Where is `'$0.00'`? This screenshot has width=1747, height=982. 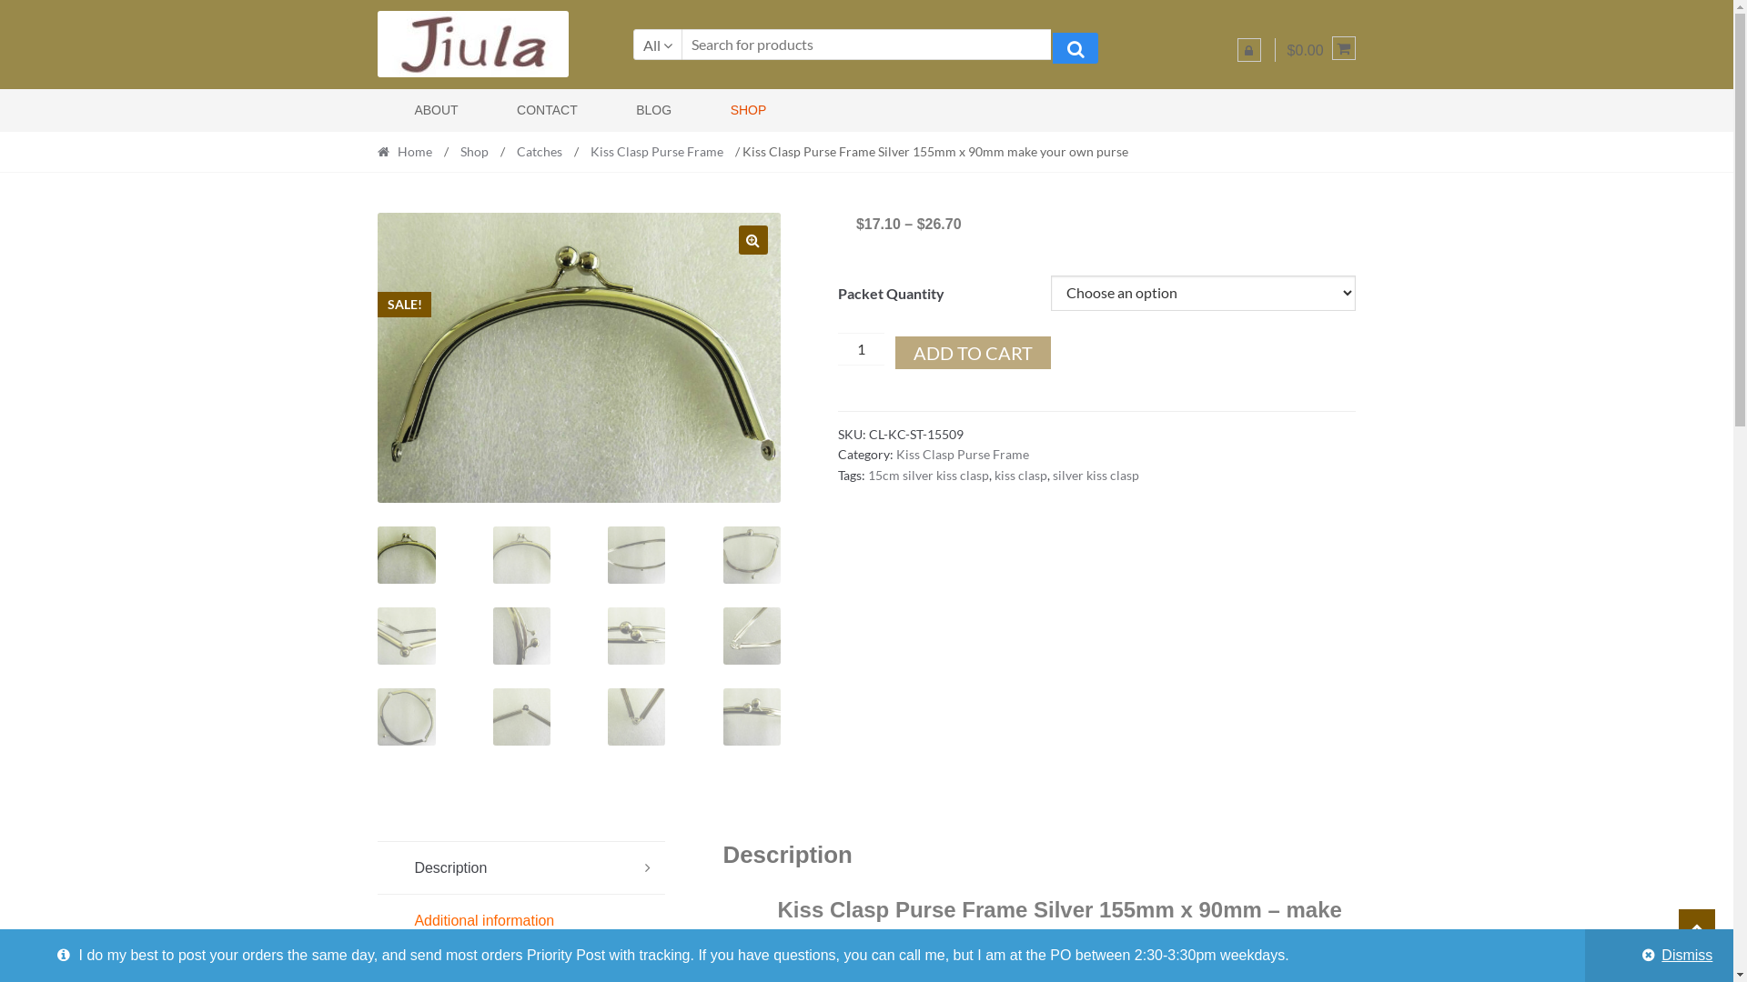
'$0.00' is located at coordinates (1321, 50).